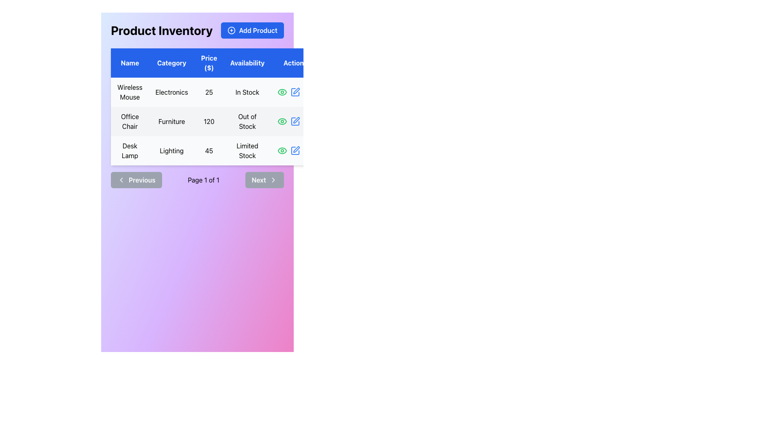 The height and width of the screenshot is (439, 780). I want to click on the icon located in the 'Add Product' button, positioned towards the top-right corner, so click(231, 30).